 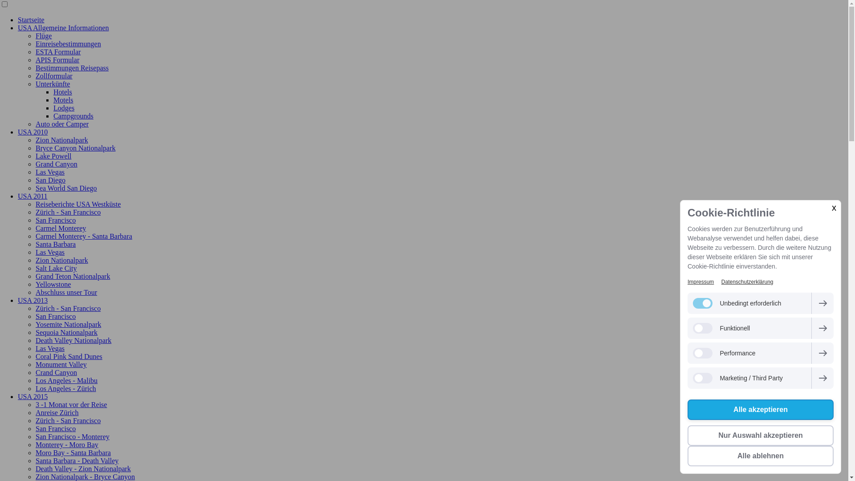 What do you see at coordinates (63, 100) in the screenshot?
I see `'Motels'` at bounding box center [63, 100].